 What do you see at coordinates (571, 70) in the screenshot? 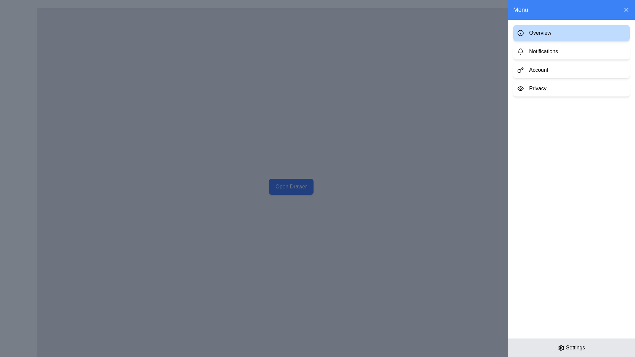
I see `the navigation button located in the right-side menu, positioned between the 'Notifications' and 'Privacy' buttons` at bounding box center [571, 70].